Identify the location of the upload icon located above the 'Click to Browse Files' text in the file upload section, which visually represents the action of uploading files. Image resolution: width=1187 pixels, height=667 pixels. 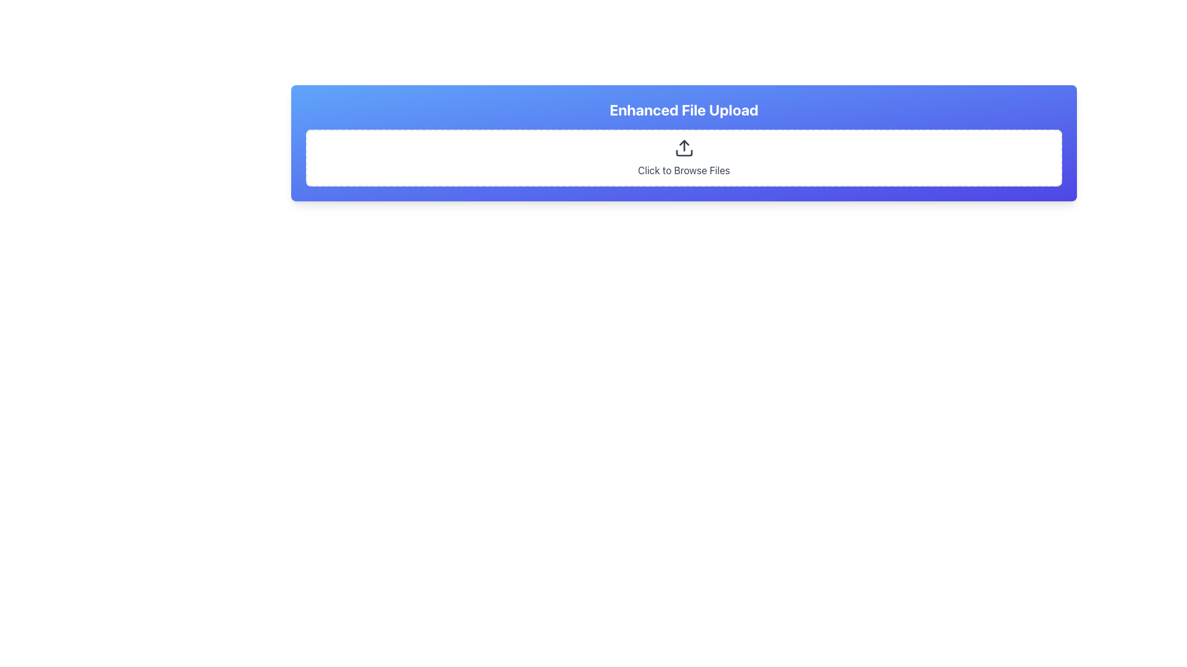
(683, 147).